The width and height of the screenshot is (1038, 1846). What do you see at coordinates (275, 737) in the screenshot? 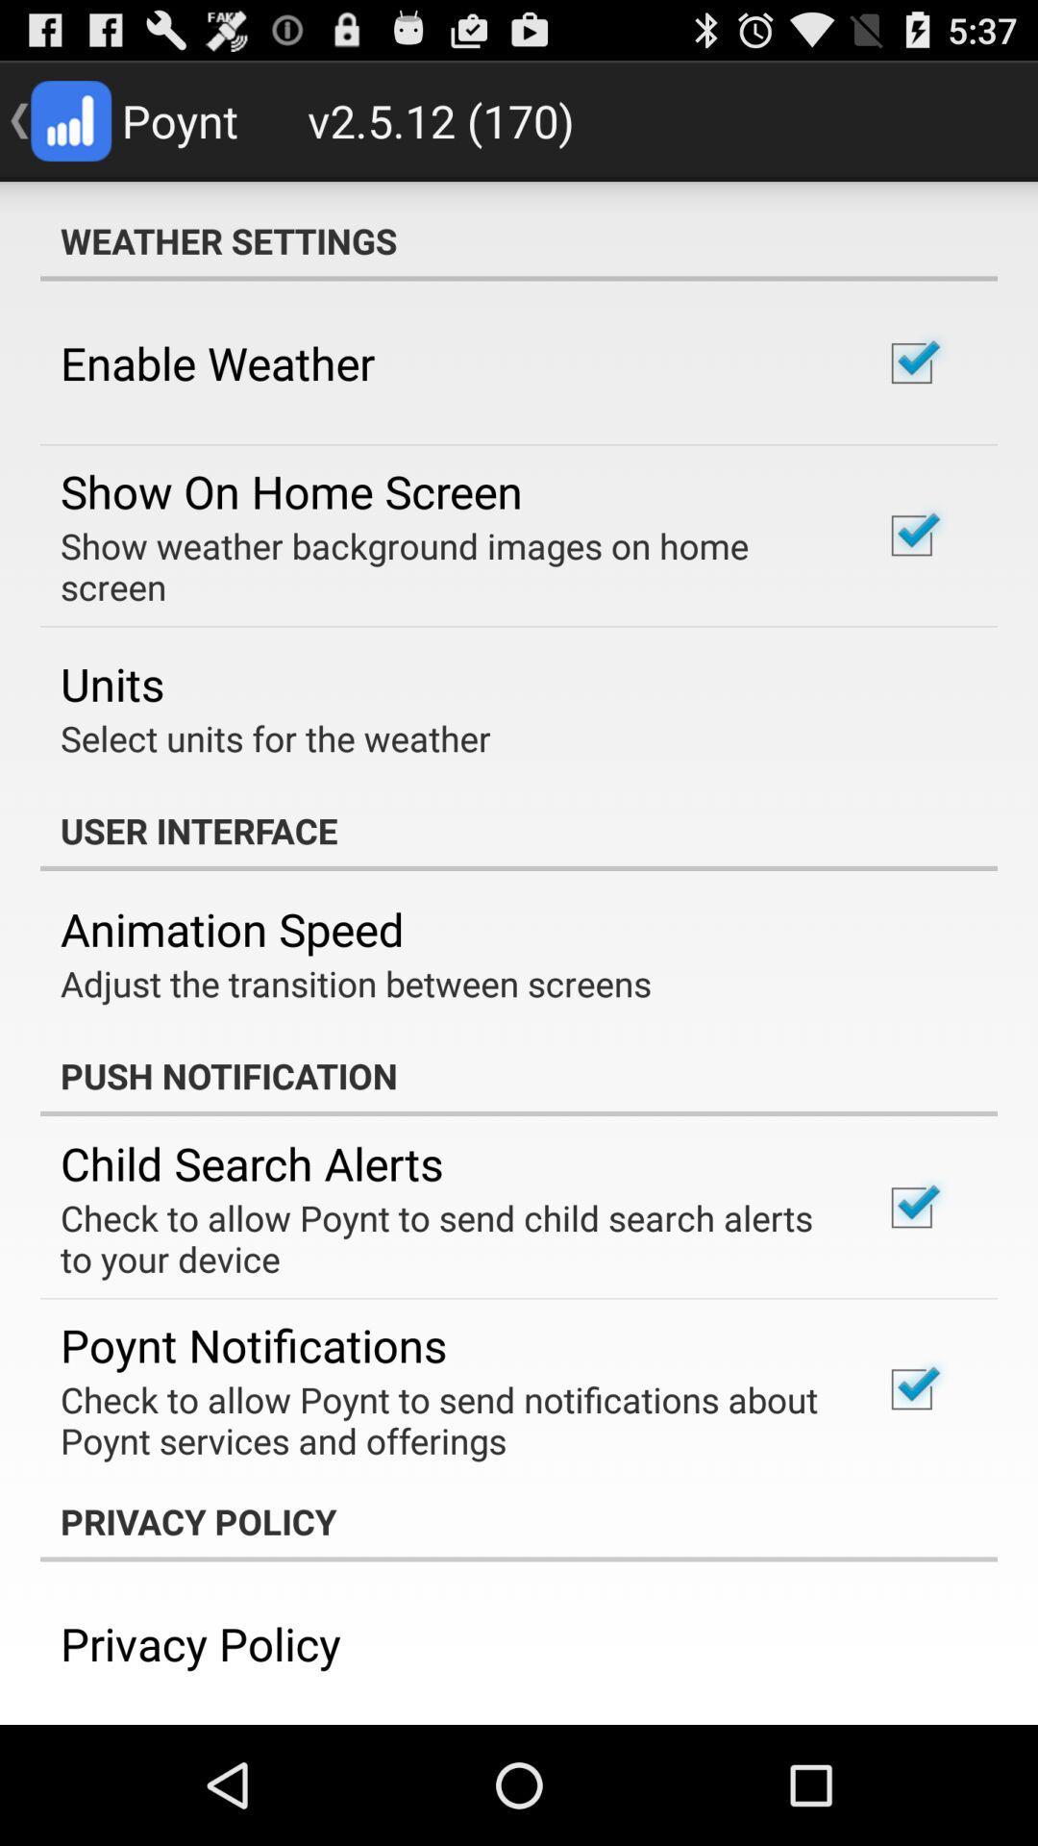
I see `the select units for` at bounding box center [275, 737].